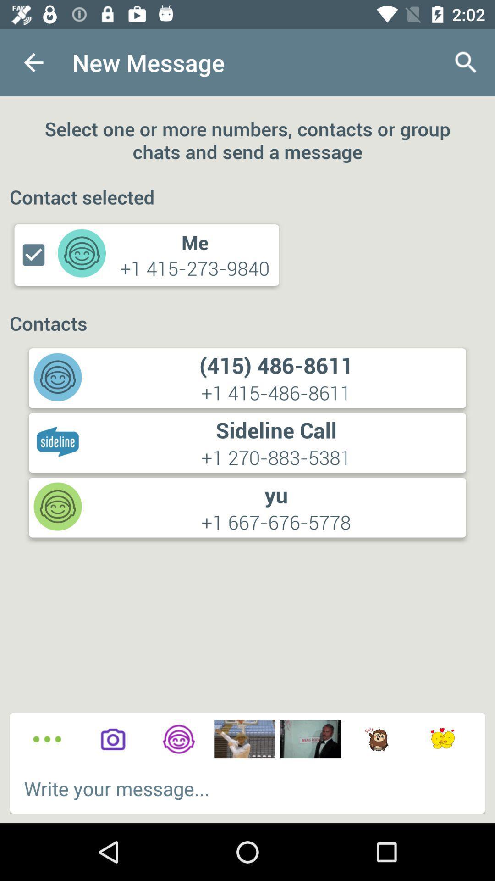 The height and width of the screenshot is (881, 495). I want to click on take photo, so click(112, 739).